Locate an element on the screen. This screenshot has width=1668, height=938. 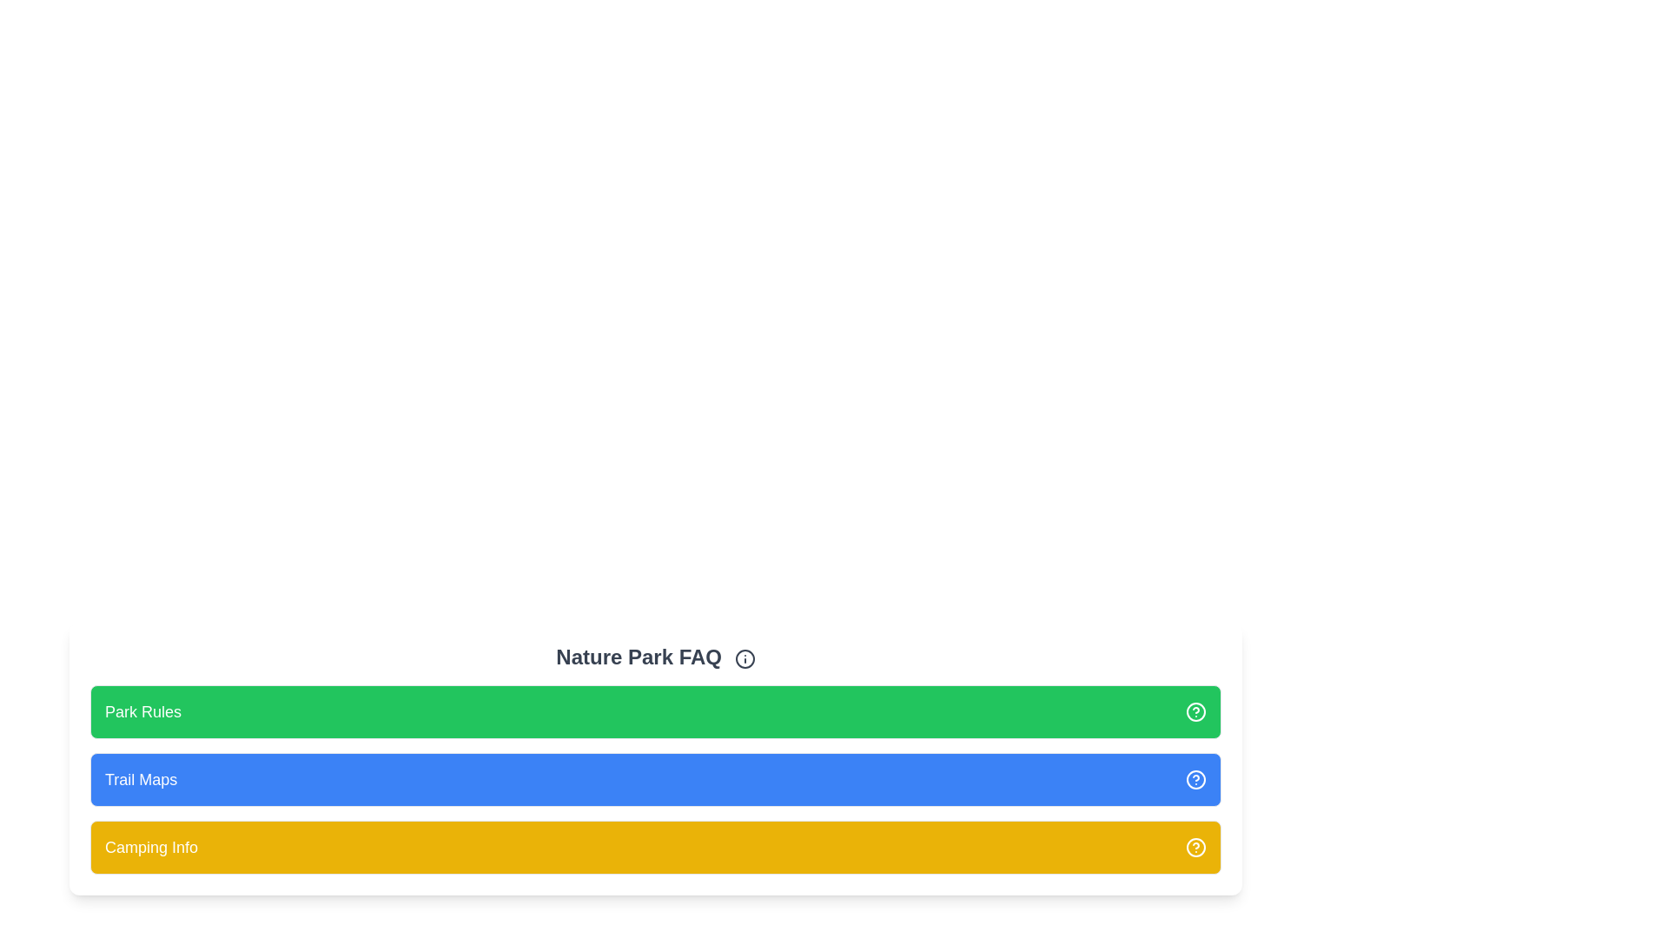
the information icon located to the right of the 'Camping Info' text, which provides additional assistance related to camping is located at coordinates (1195, 846).